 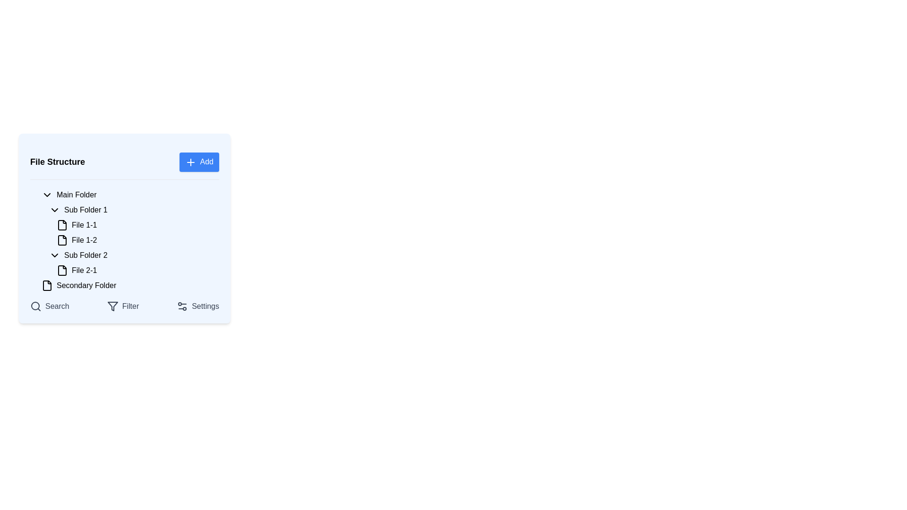 I want to click on the text label 'File 1-2' in the file navigator interface, so click(x=84, y=239).